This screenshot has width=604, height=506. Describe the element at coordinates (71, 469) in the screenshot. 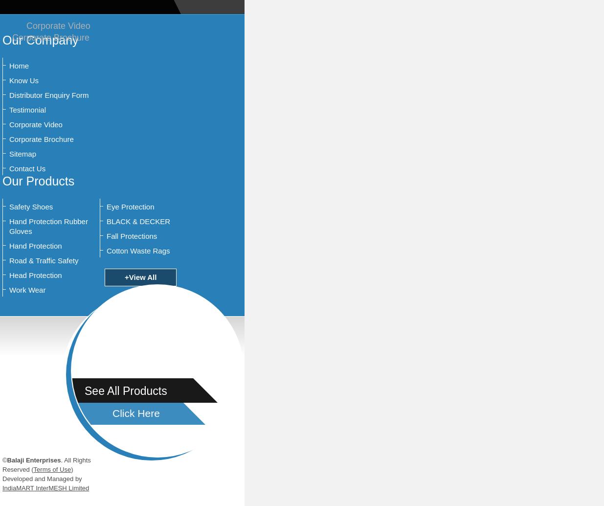

I see `')'` at that location.